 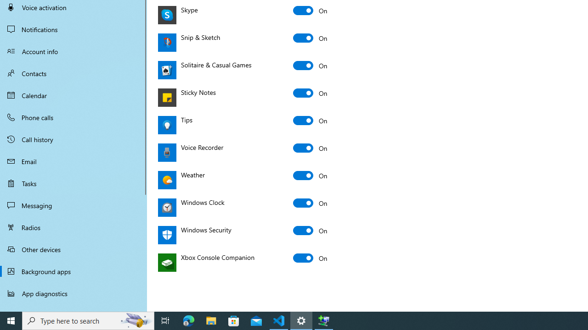 I want to click on 'Notifications', so click(x=73, y=29).